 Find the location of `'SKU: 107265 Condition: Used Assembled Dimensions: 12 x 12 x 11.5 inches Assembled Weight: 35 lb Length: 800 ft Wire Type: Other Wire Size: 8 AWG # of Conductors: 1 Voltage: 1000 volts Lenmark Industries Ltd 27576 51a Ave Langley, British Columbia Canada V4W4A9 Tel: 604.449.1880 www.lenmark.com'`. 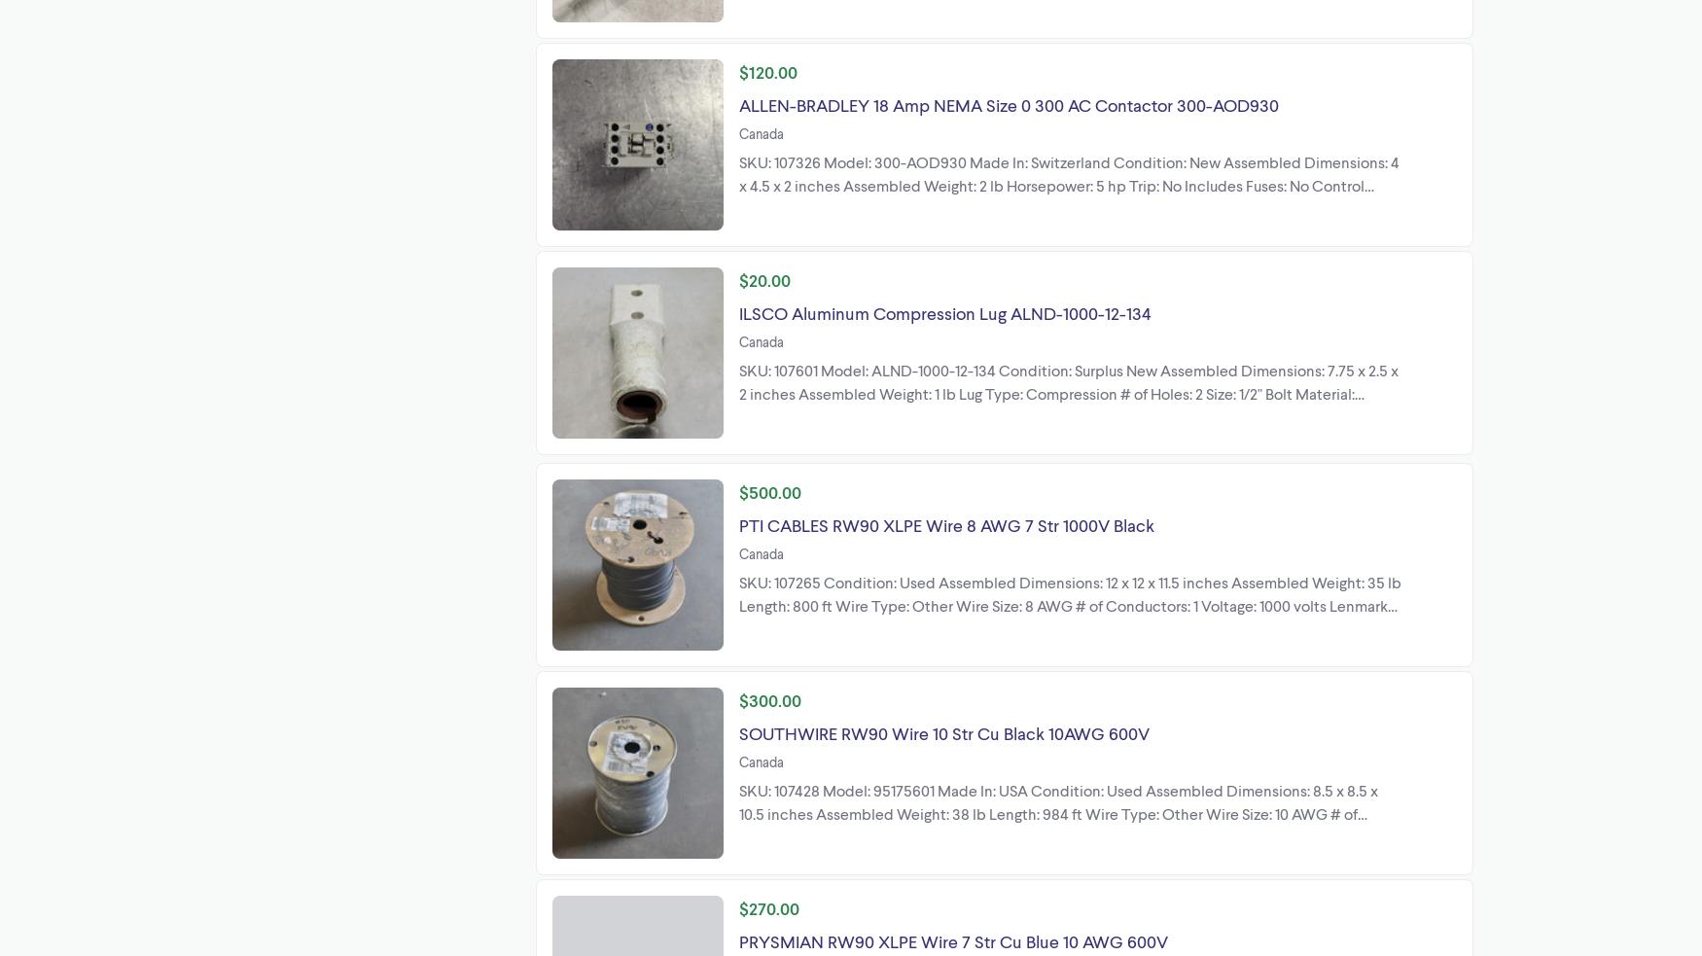

'SKU: 107265 Condition: Used Assembled Dimensions: 12 x 12 x 11.5 inches Assembled Weight: 35 lb Length: 800 ft Wire Type: Other Wire Size: 8 AWG # of Conductors: 1 Voltage: 1000 volts Lenmark Industries Ltd 27576 51a Ave Langley, British Columbia Canada V4W4A9 Tel: 604.449.1880 www.lenmark.com' is located at coordinates (1070, 616).